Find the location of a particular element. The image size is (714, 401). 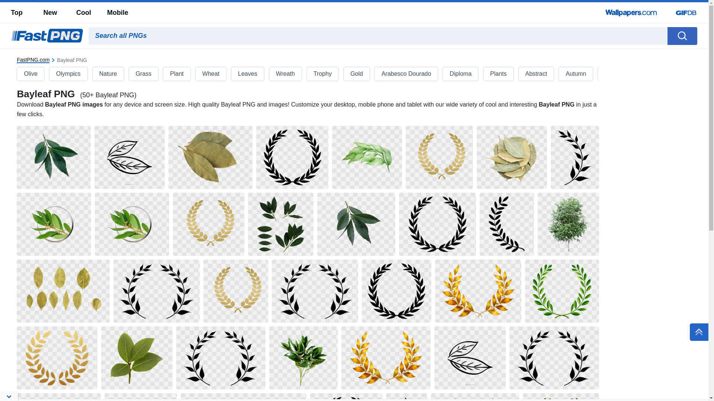

'FastPNG.com' is located at coordinates (33, 60).